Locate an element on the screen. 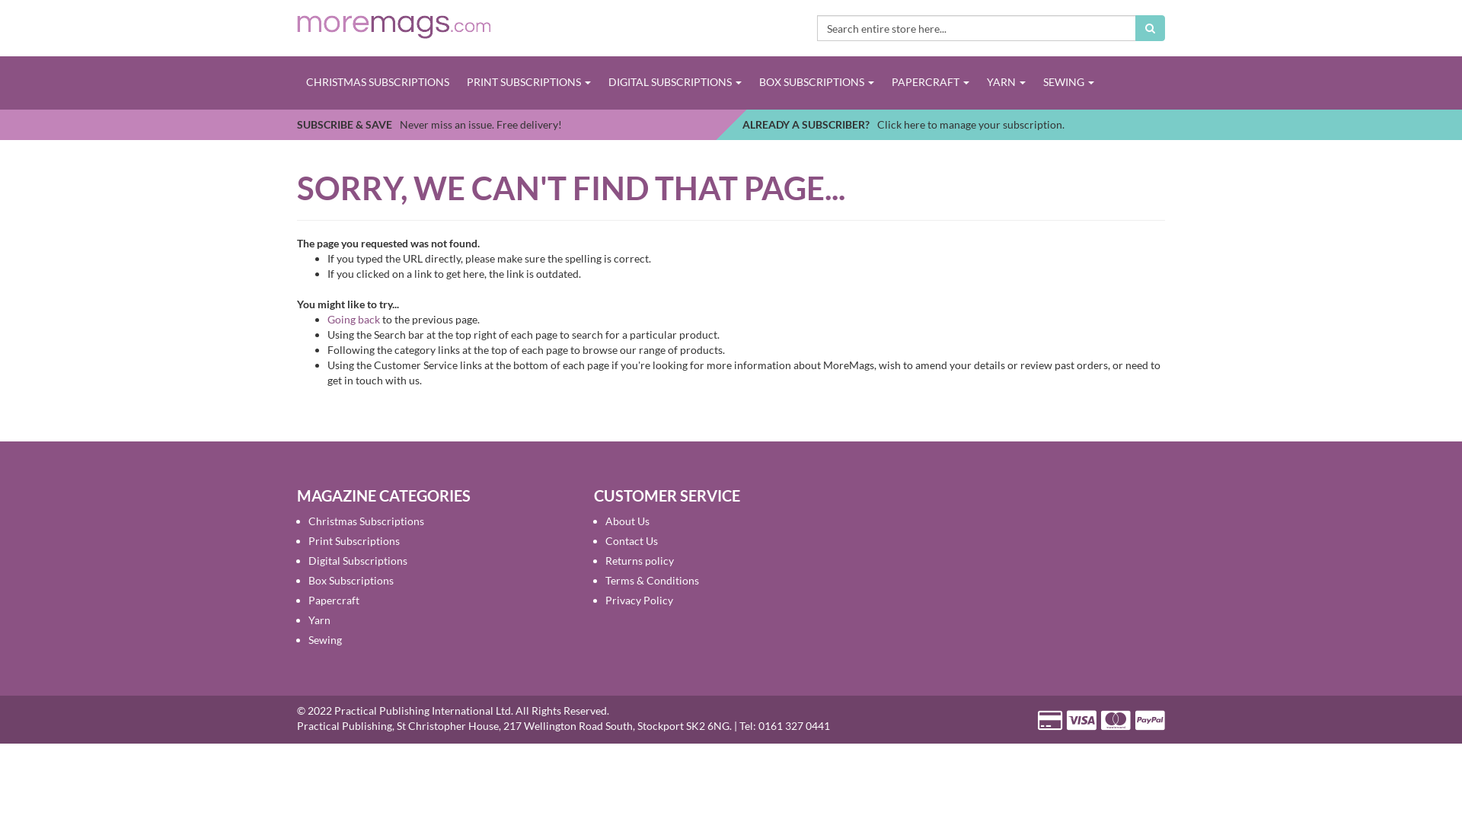  'Going back' is located at coordinates (353, 318).